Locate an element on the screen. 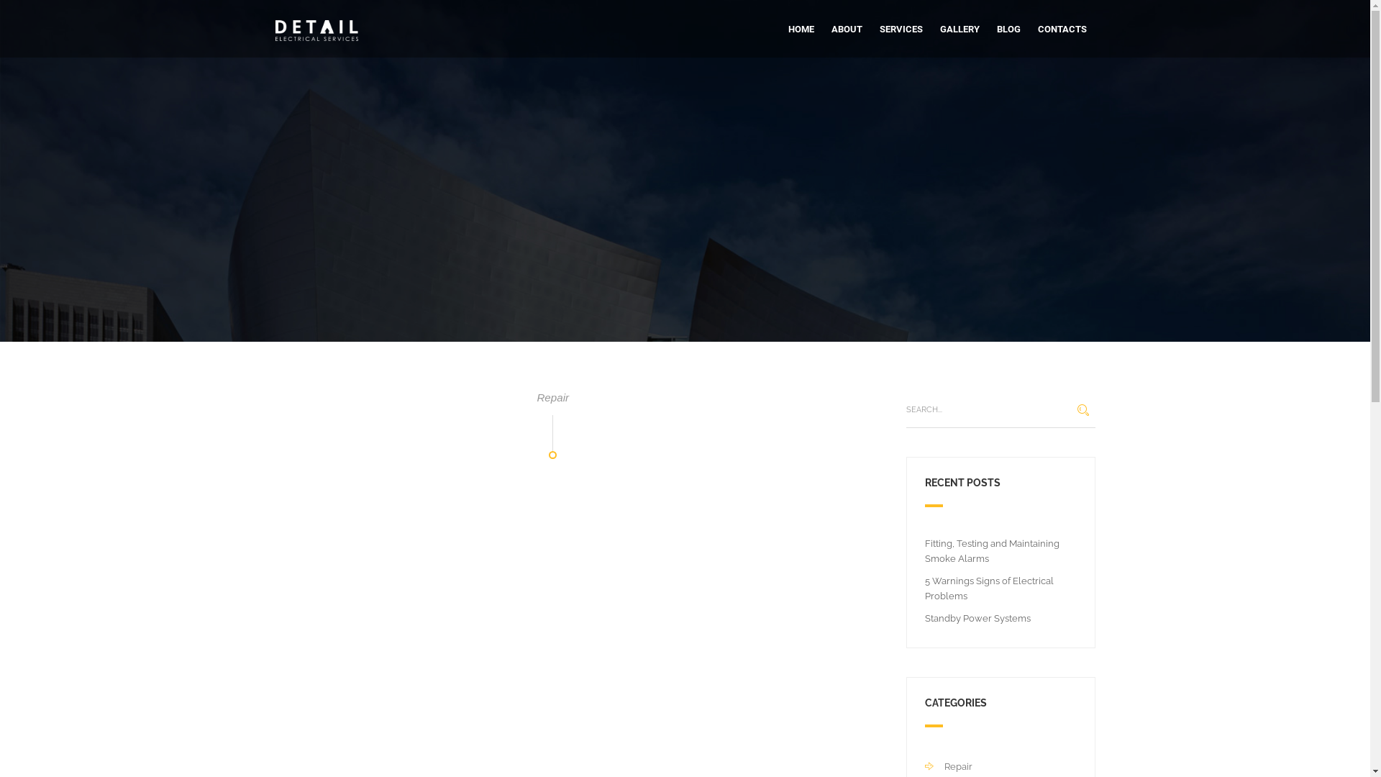 This screenshot has width=1381, height=777. 'Fitting, Testing and Maintaining Smoke Alarms' is located at coordinates (991, 550).